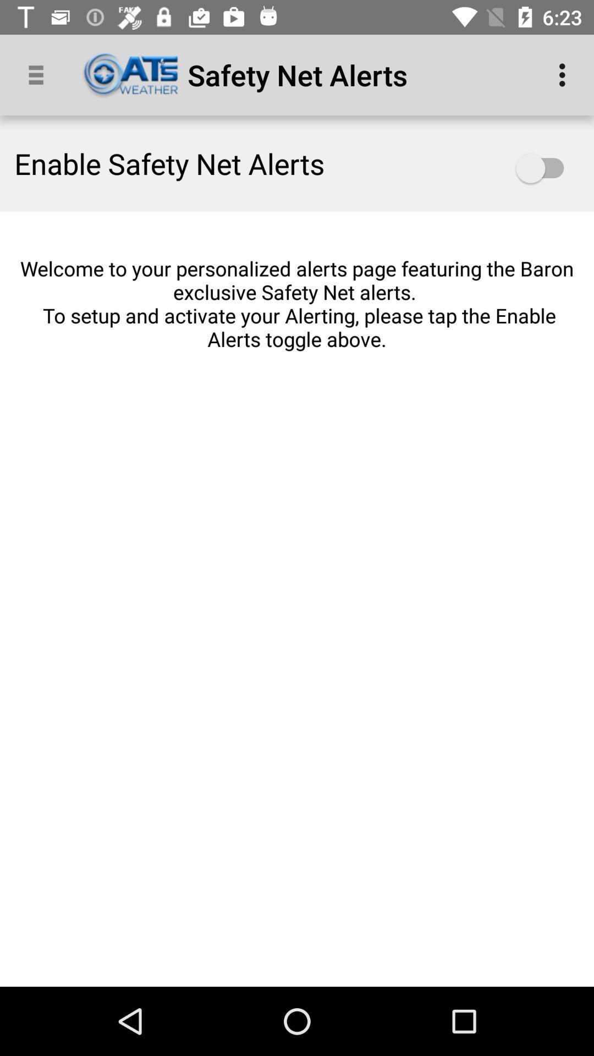  I want to click on app next to safety net alerts app, so click(565, 74).